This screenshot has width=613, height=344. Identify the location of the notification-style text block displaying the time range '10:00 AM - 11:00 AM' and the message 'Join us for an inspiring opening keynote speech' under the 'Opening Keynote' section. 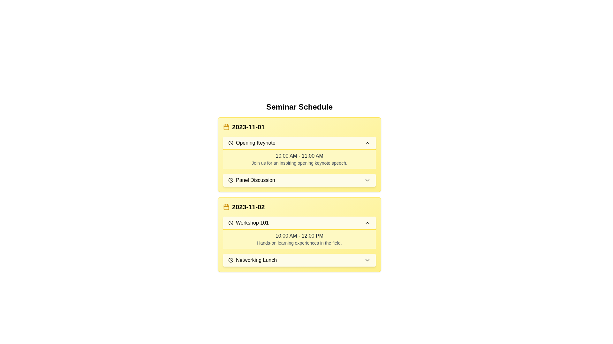
(299, 158).